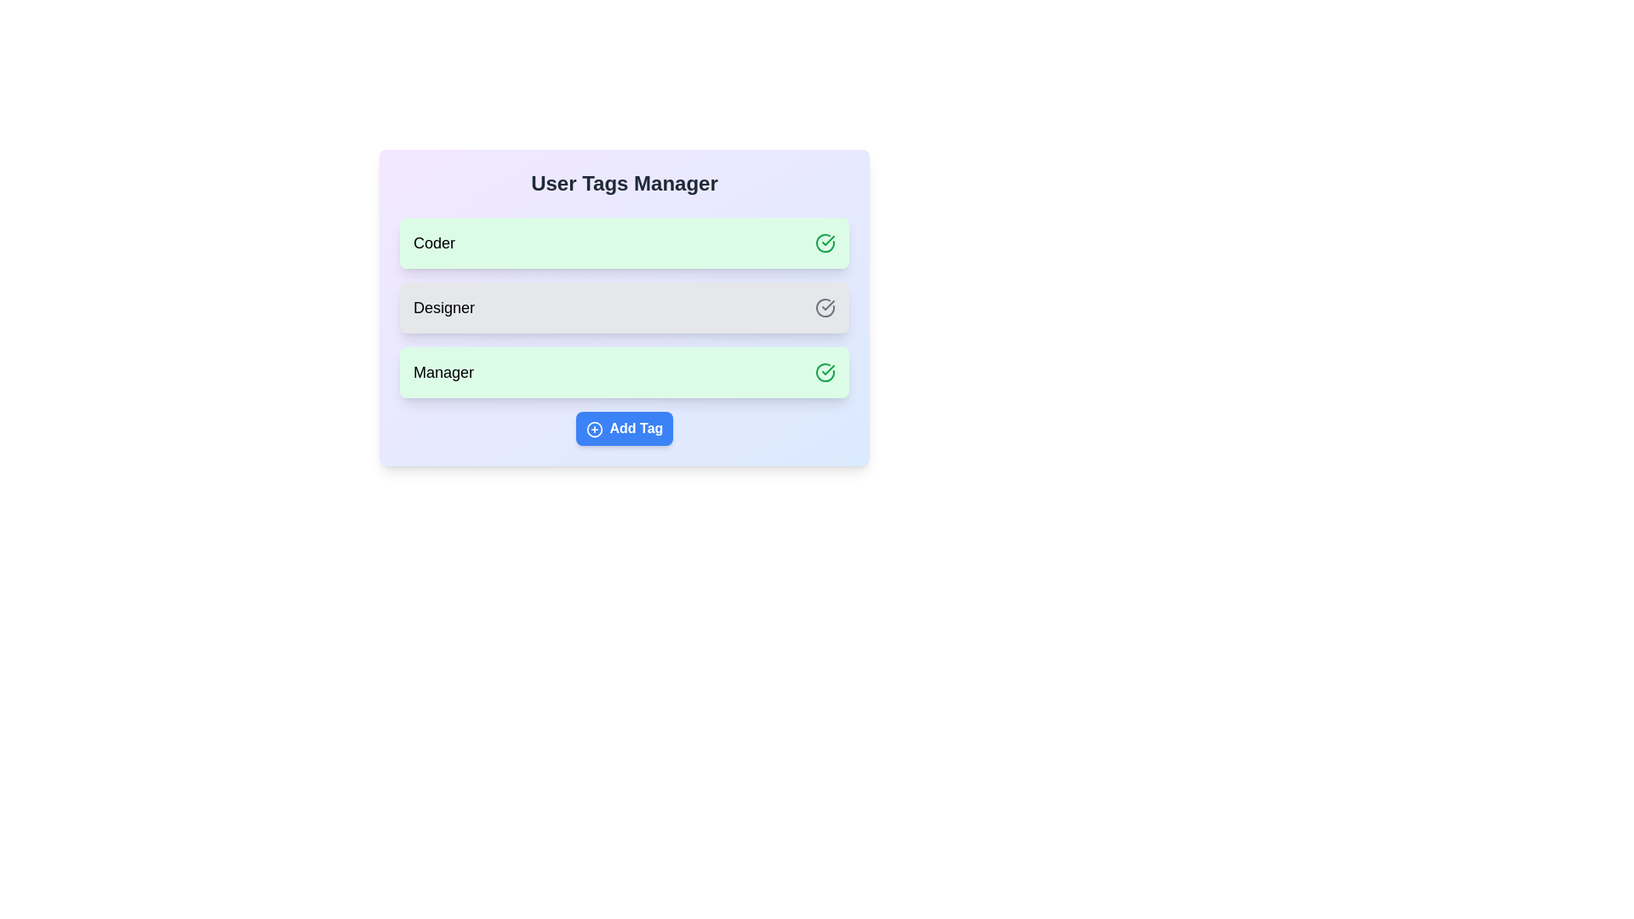 This screenshot has height=919, width=1634. Describe the element at coordinates (624, 428) in the screenshot. I see `'Add Tag' button to add a new tag to the list` at that location.